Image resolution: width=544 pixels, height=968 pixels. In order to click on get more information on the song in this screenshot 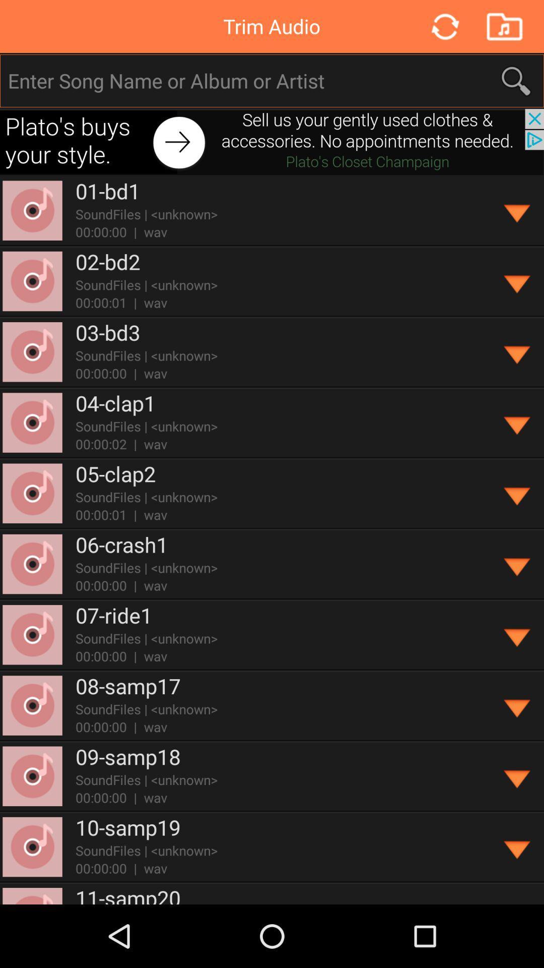, I will do `click(517, 494)`.